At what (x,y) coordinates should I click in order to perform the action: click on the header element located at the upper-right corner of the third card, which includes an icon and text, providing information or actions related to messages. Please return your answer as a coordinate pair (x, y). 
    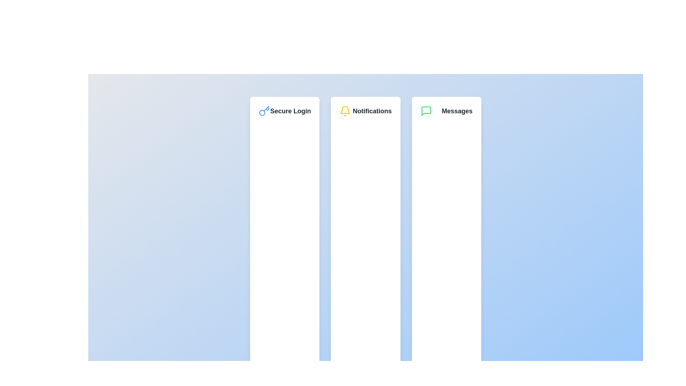
    Looking at the image, I should click on (446, 111).